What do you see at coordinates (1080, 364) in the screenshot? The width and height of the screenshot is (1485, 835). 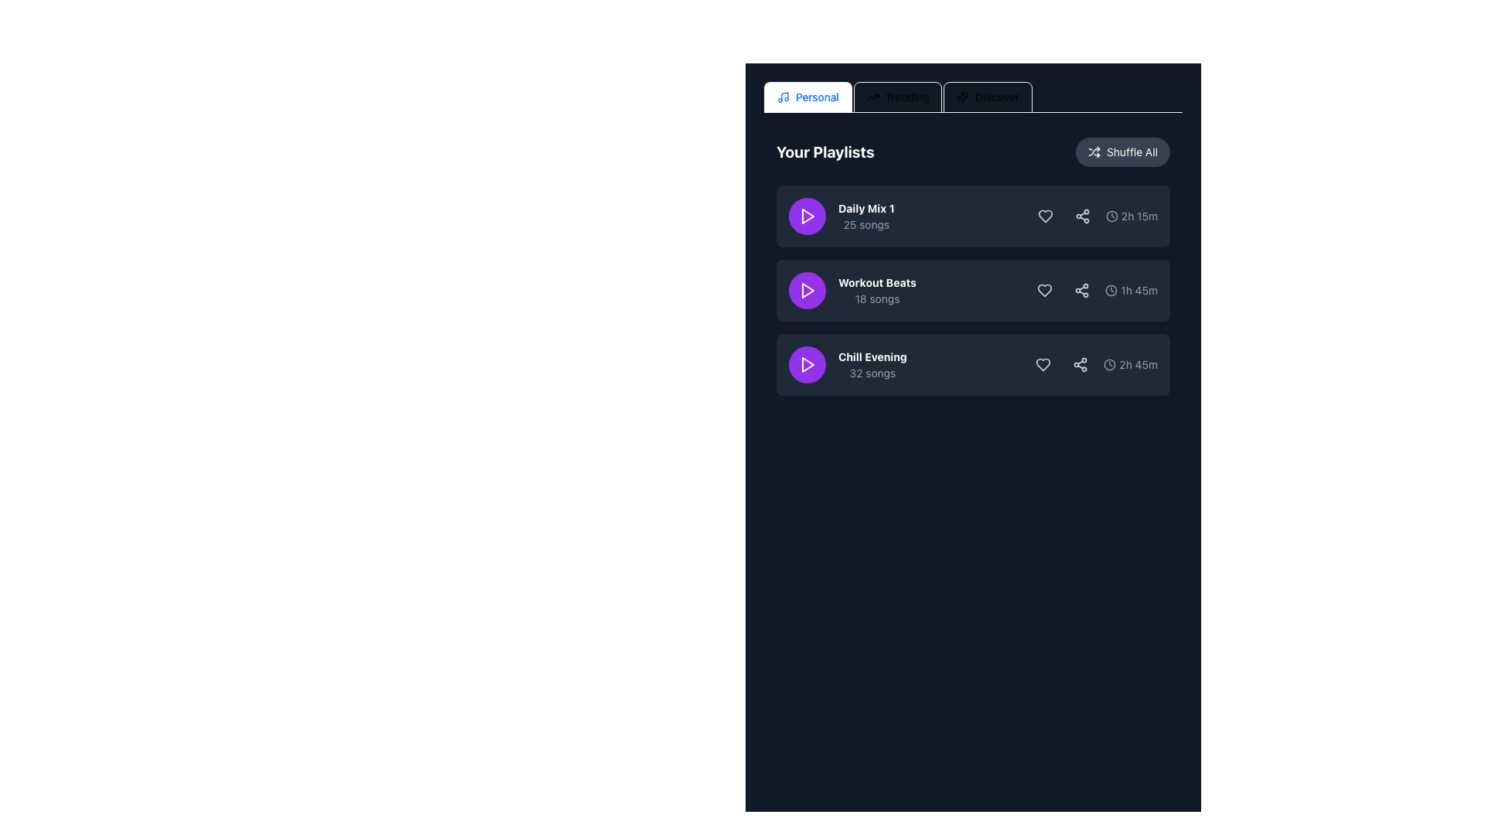 I see `the circular share button with a white outline and gray share icon, located between the heart-shaped button and the text '2h 45m' in the 'Chill Evening' playlist section` at bounding box center [1080, 364].